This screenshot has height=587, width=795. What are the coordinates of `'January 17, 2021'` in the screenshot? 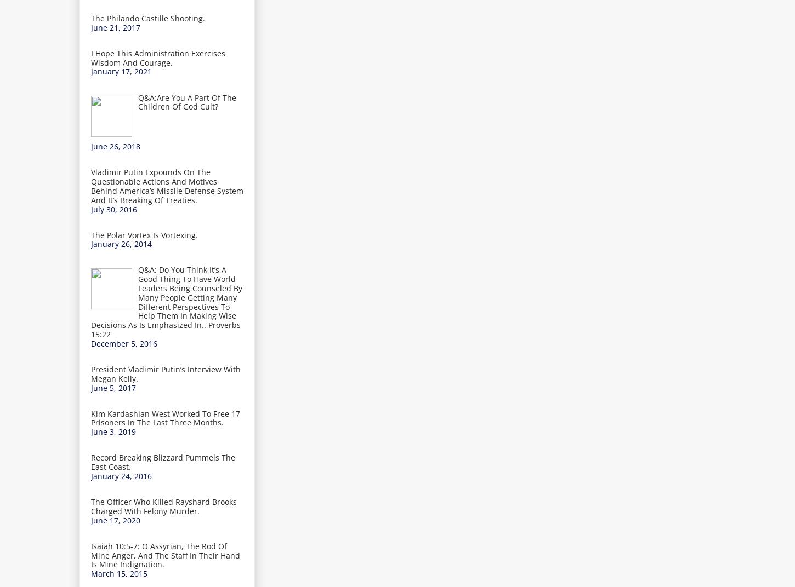 It's located at (121, 71).